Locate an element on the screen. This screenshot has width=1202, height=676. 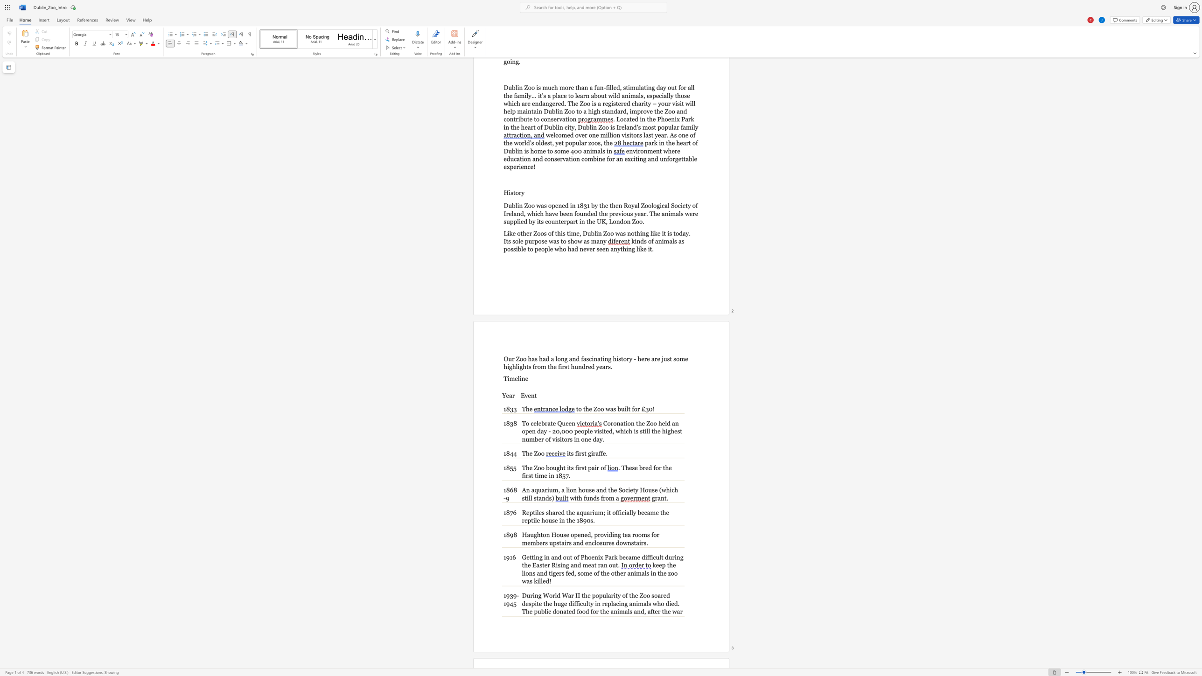
the subset text "ory - he" within the text "Our Zoo has had a long and fascinating history - here are just some highlights from the first hundred years." is located at coordinates (623, 358).